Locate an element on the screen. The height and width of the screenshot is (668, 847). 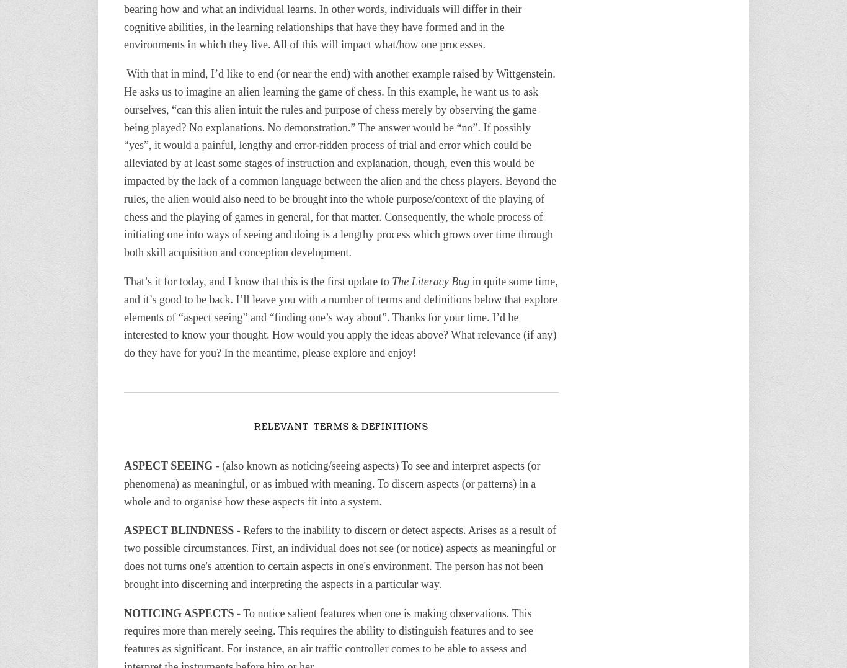
'That’s it for today, and I know that this is the first update to' is located at coordinates (257, 280).